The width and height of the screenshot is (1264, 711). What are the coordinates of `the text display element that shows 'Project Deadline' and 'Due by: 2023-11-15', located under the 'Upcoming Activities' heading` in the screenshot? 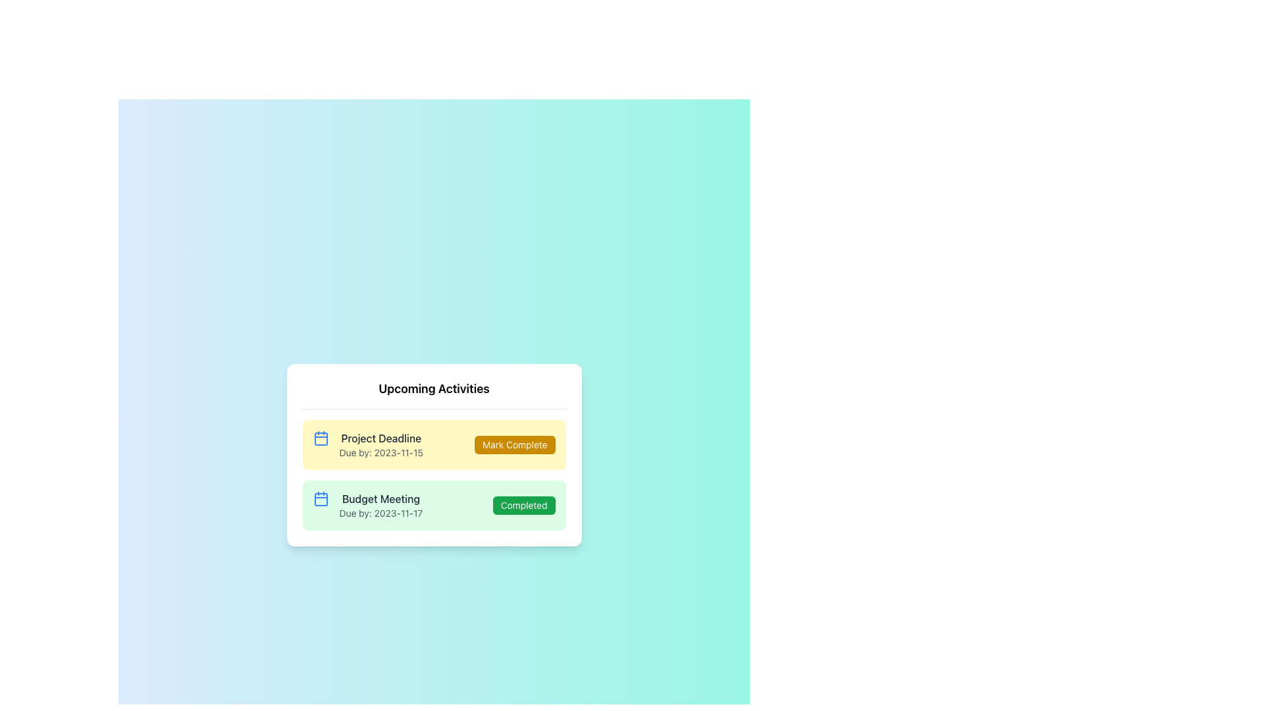 It's located at (381, 444).